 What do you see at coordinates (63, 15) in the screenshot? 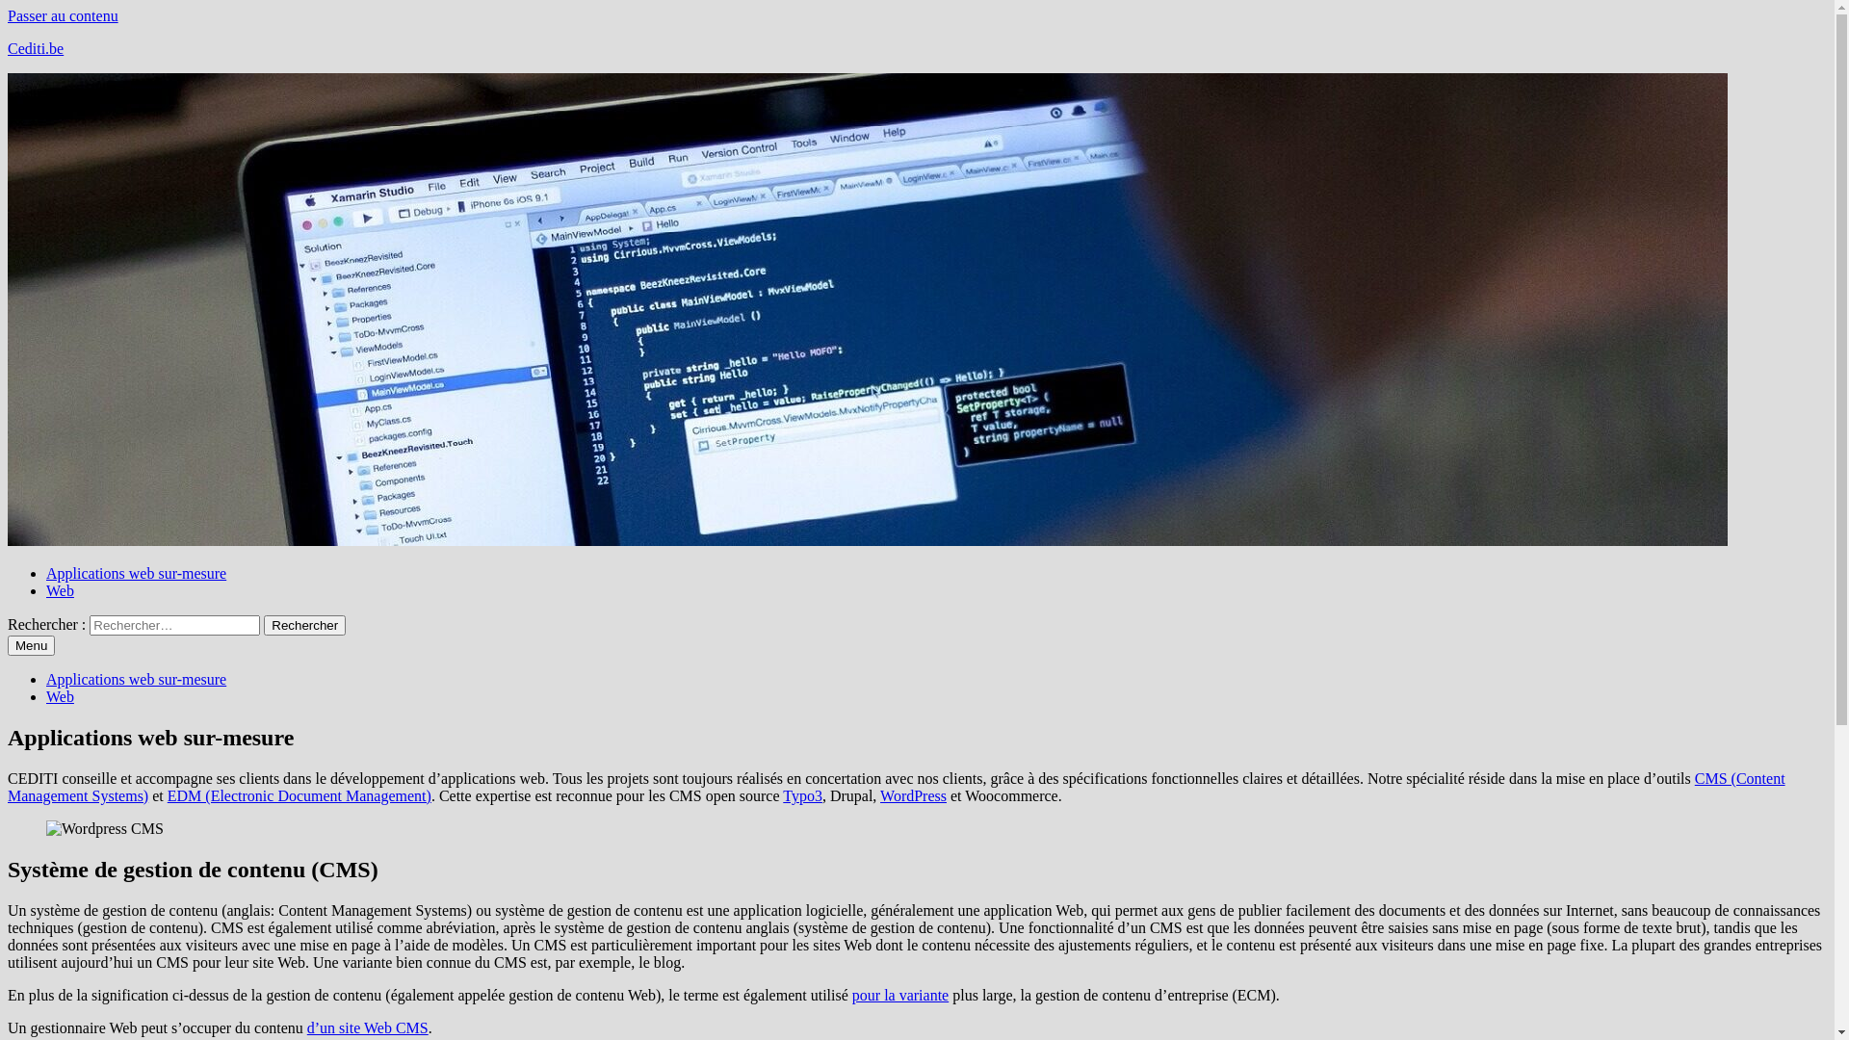
I see `'Passer au contenu'` at bounding box center [63, 15].